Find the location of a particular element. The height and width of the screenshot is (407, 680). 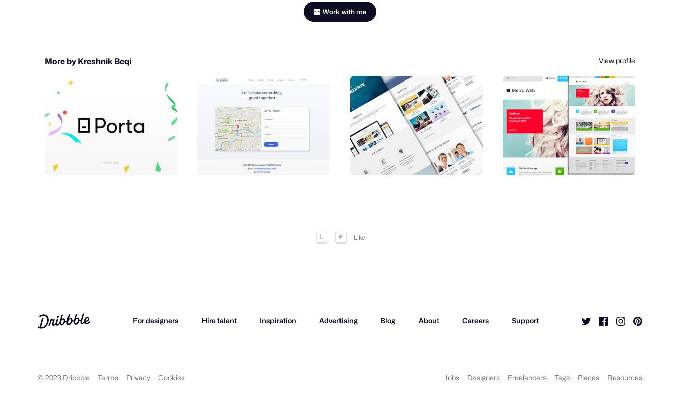

'Freelancers' is located at coordinates (527, 380).